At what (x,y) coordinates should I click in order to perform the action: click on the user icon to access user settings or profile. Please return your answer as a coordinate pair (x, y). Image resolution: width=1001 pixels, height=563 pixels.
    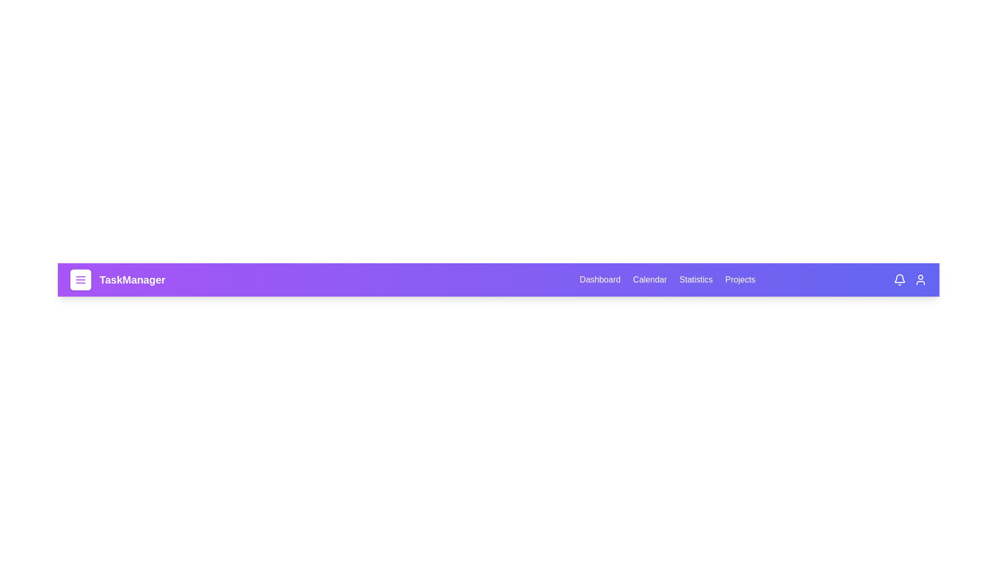
    Looking at the image, I should click on (921, 279).